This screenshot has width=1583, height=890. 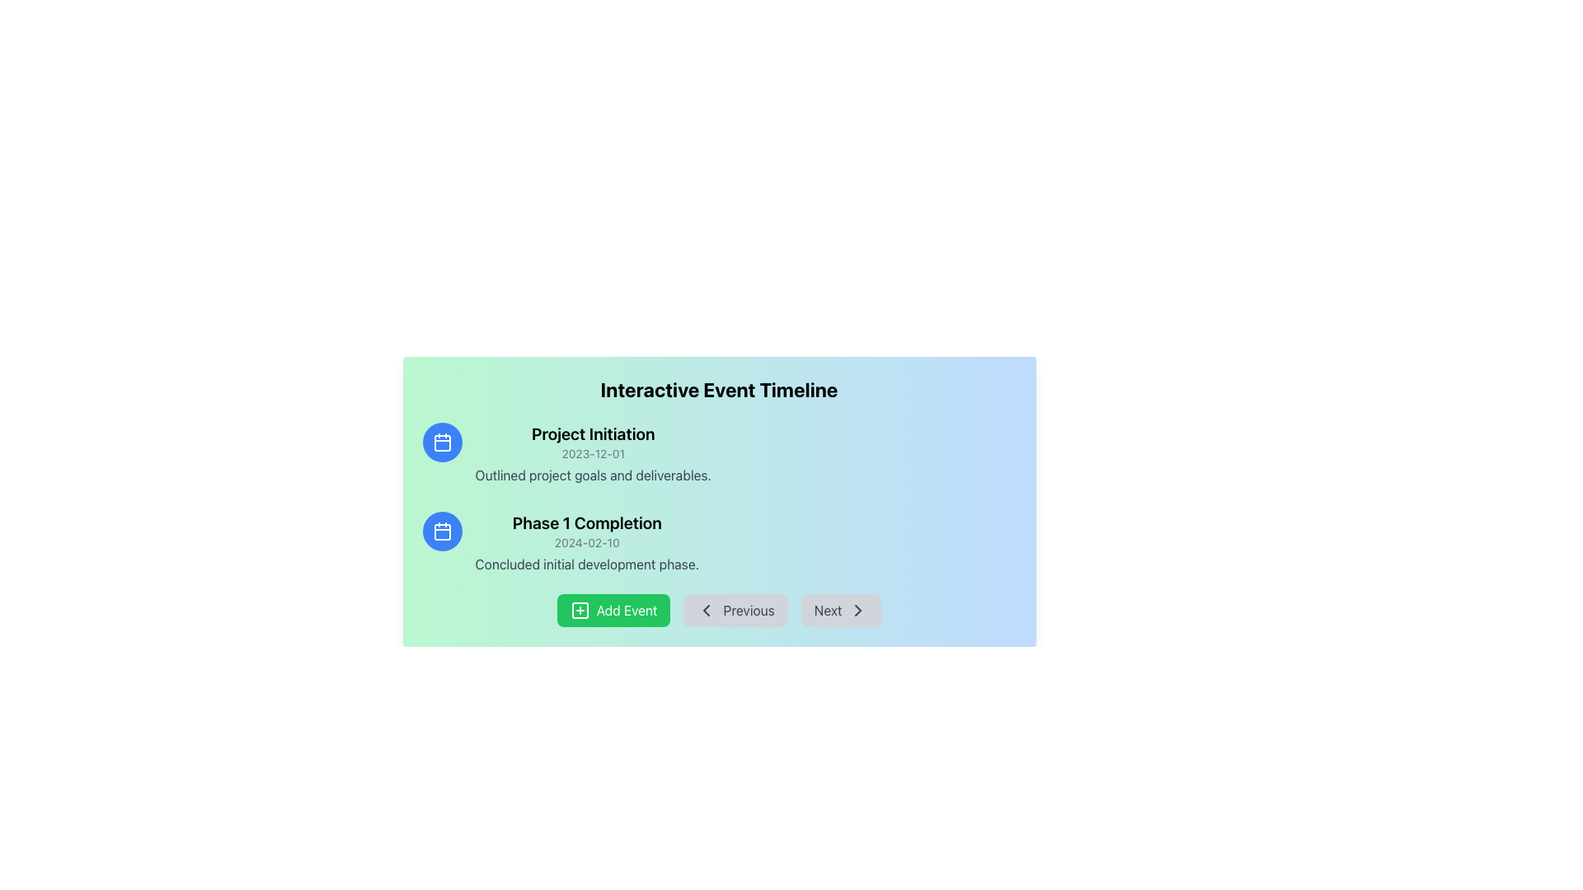 I want to click on the green square button with a white plus symbol that is part of the 'Add Event' button located at the bottom left of the main content area, so click(x=580, y=610).